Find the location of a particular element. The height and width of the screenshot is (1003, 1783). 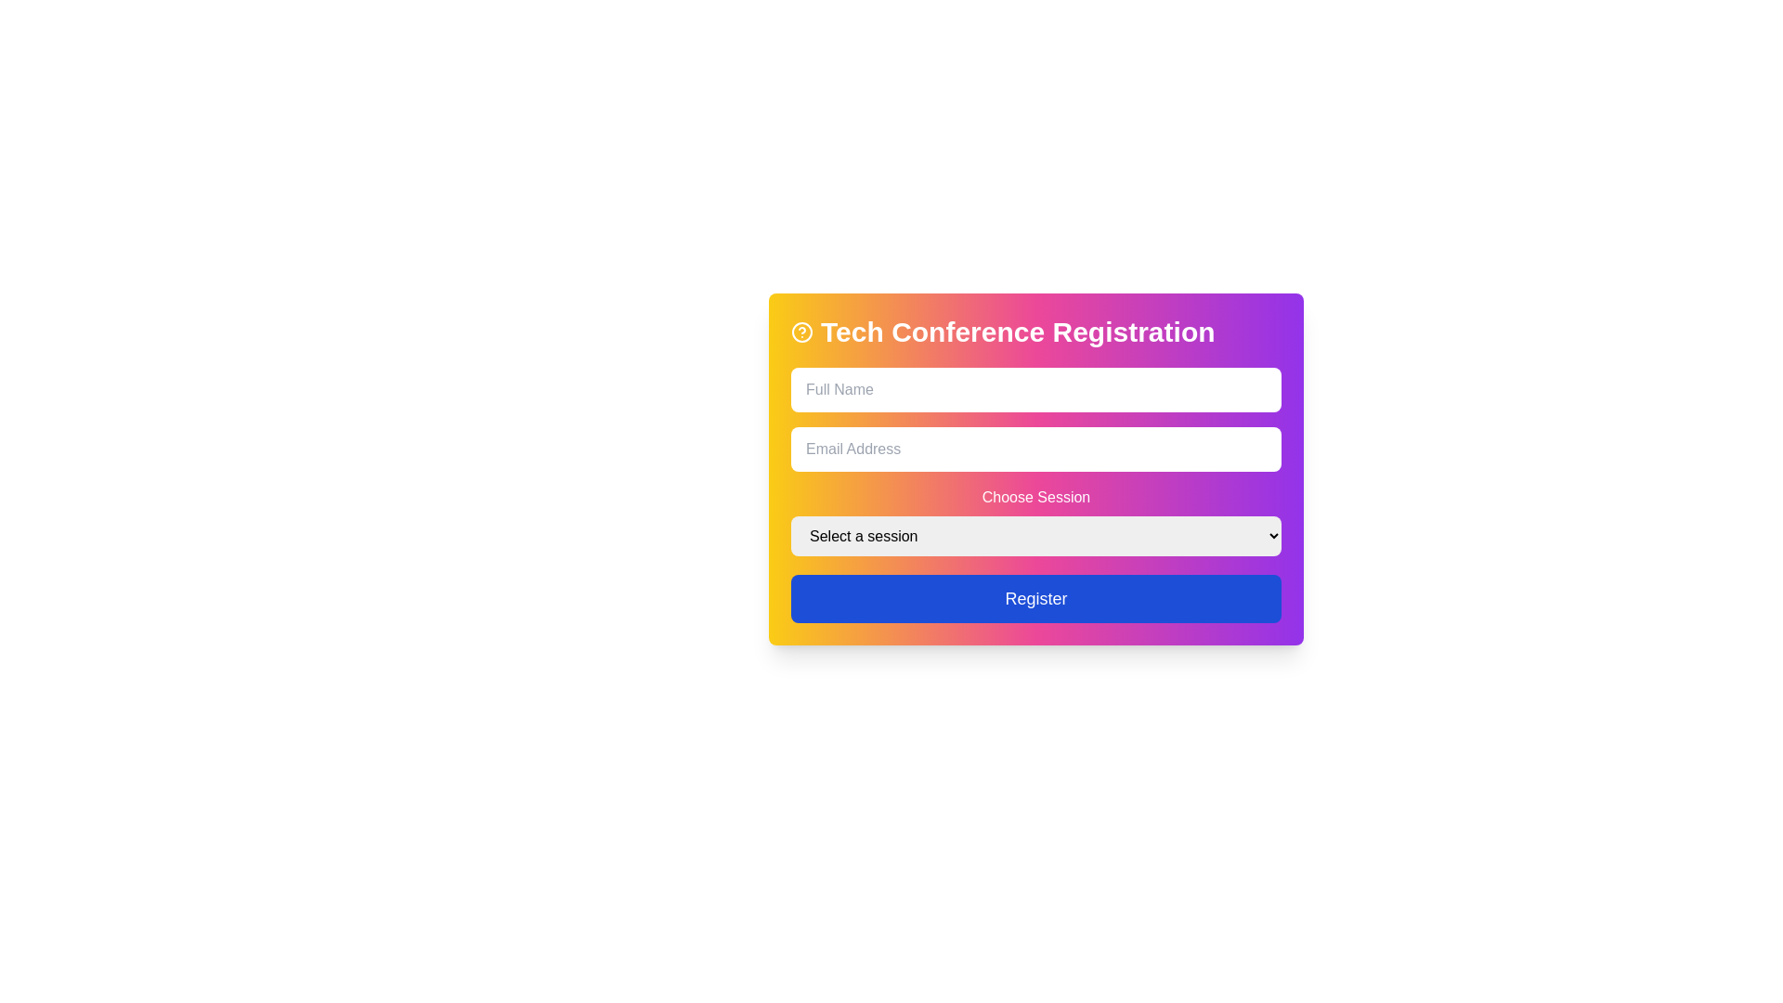

an option from the 'Choose Session' dropdown menu located below the 'Email Address' field and above the 'Register' button is located at coordinates (1035, 520).